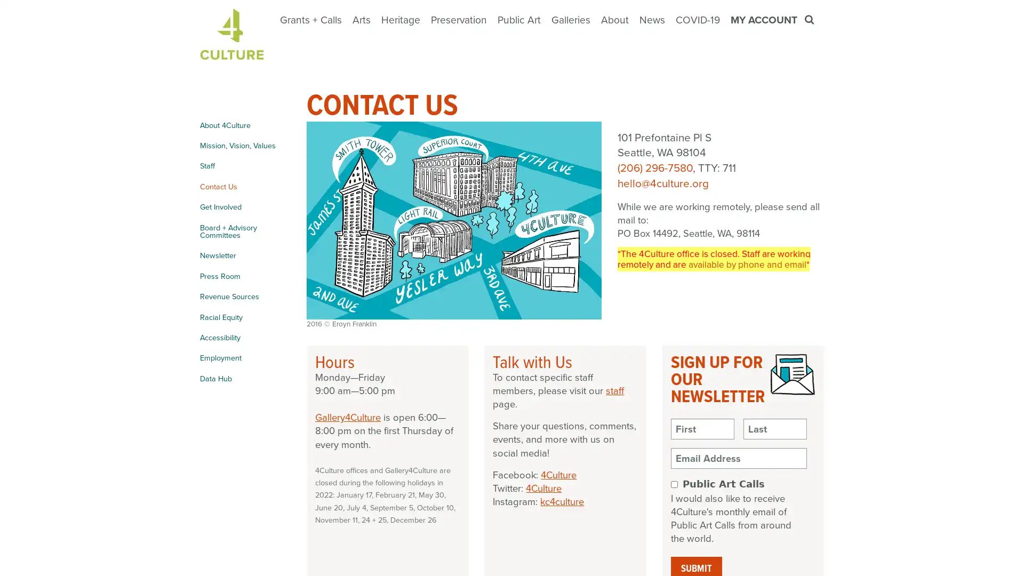  I want to click on Open search, so click(810, 20).